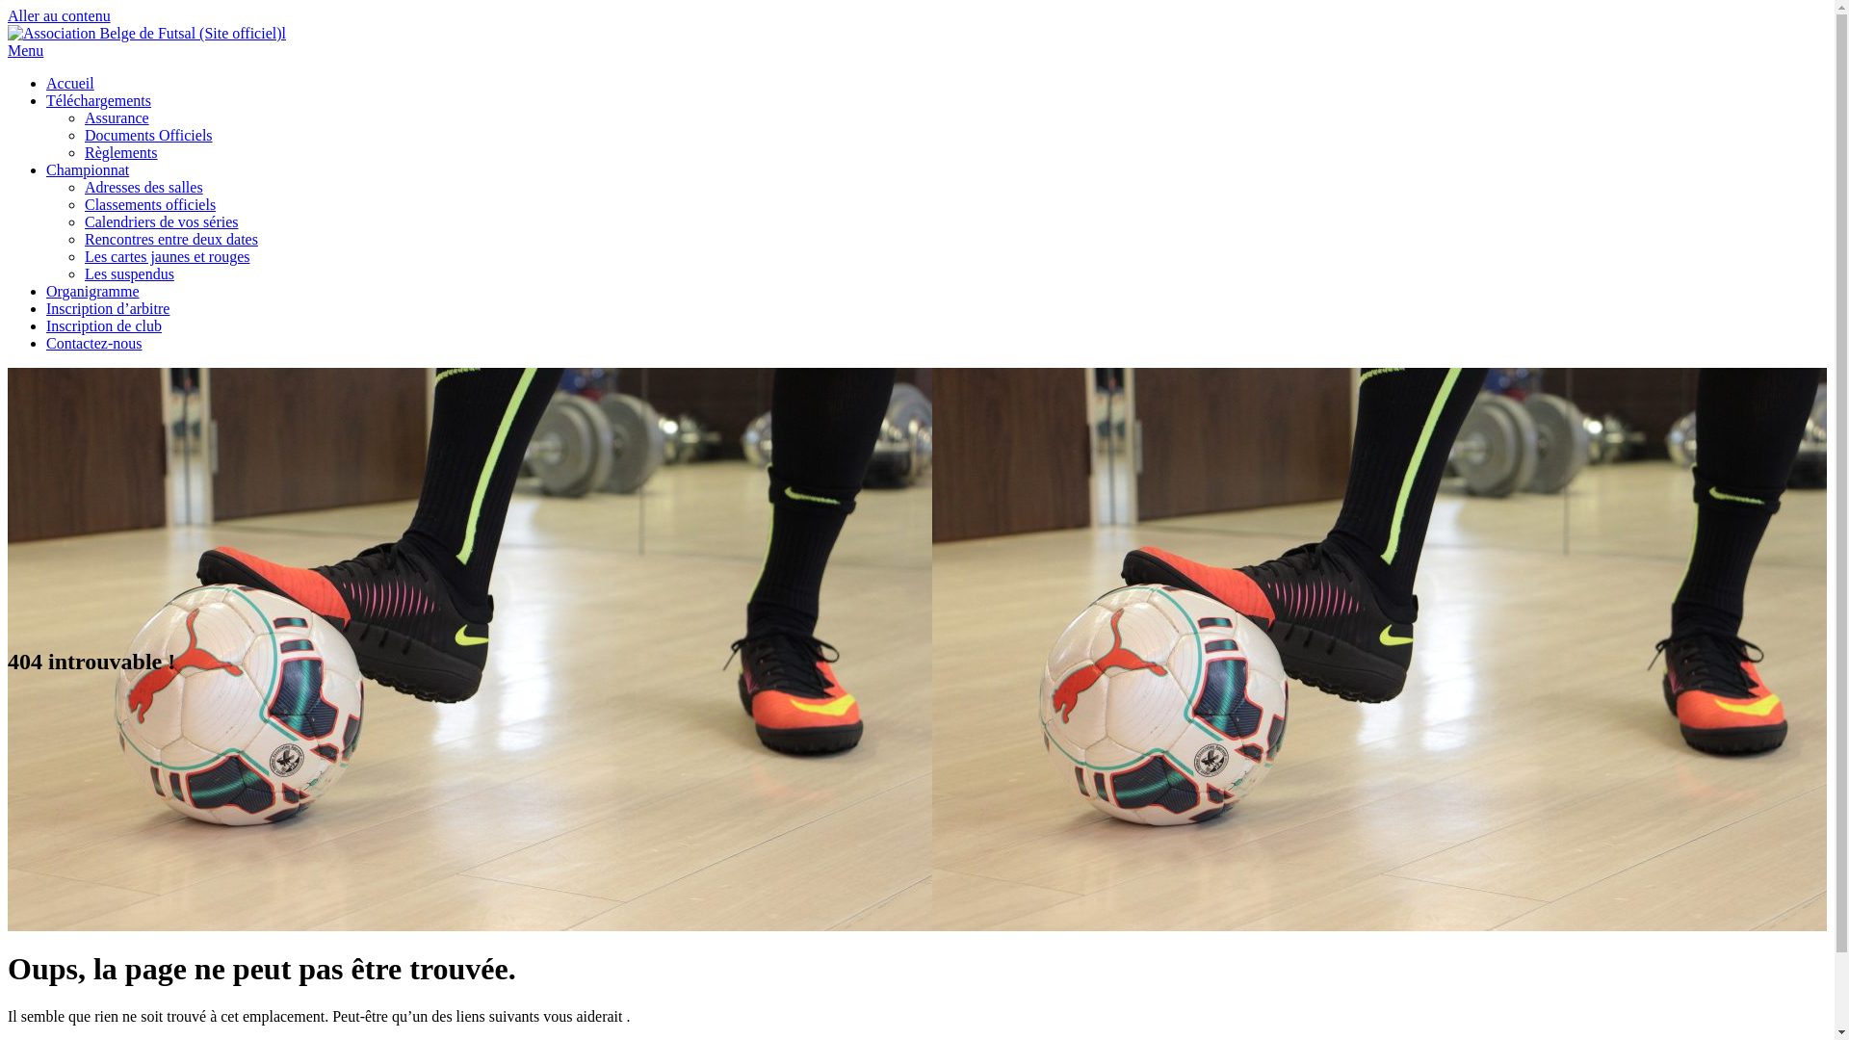 The width and height of the screenshot is (1849, 1040). Describe the element at coordinates (83, 238) in the screenshot. I see `'Rencontres entre deux dates'` at that location.